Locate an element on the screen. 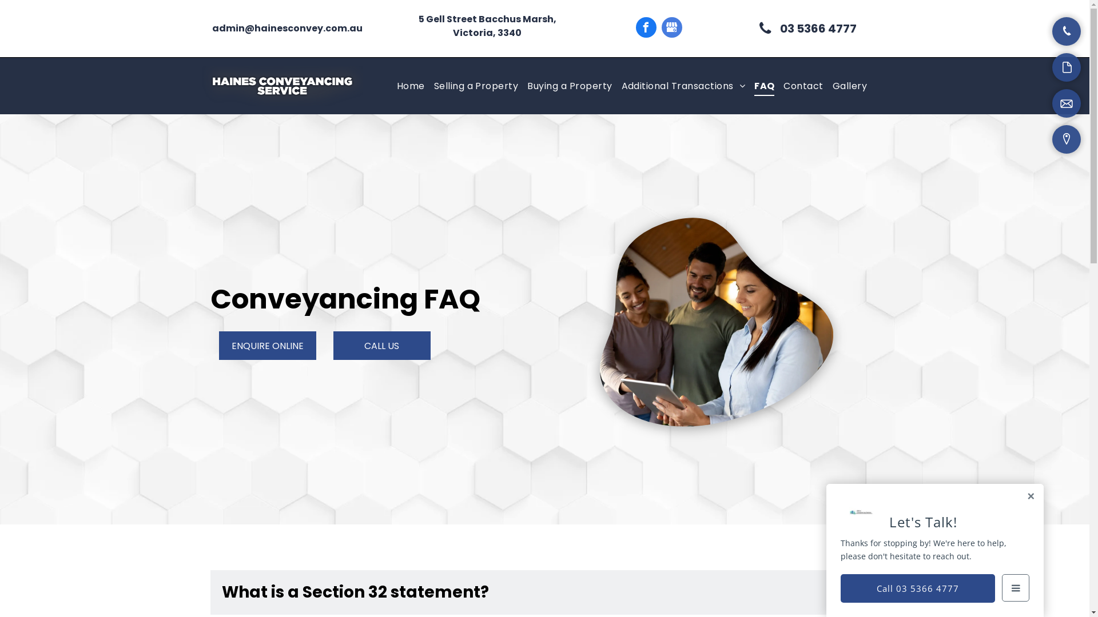  'Gallery' is located at coordinates (850, 85).